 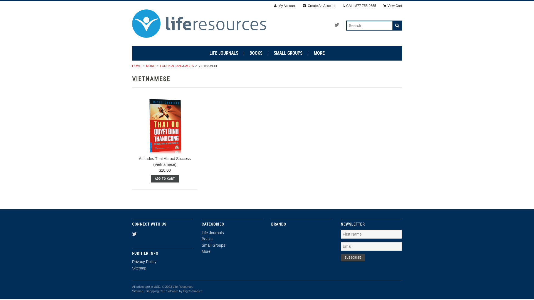 What do you see at coordinates (132, 65) in the screenshot?
I see `'HOME'` at bounding box center [132, 65].